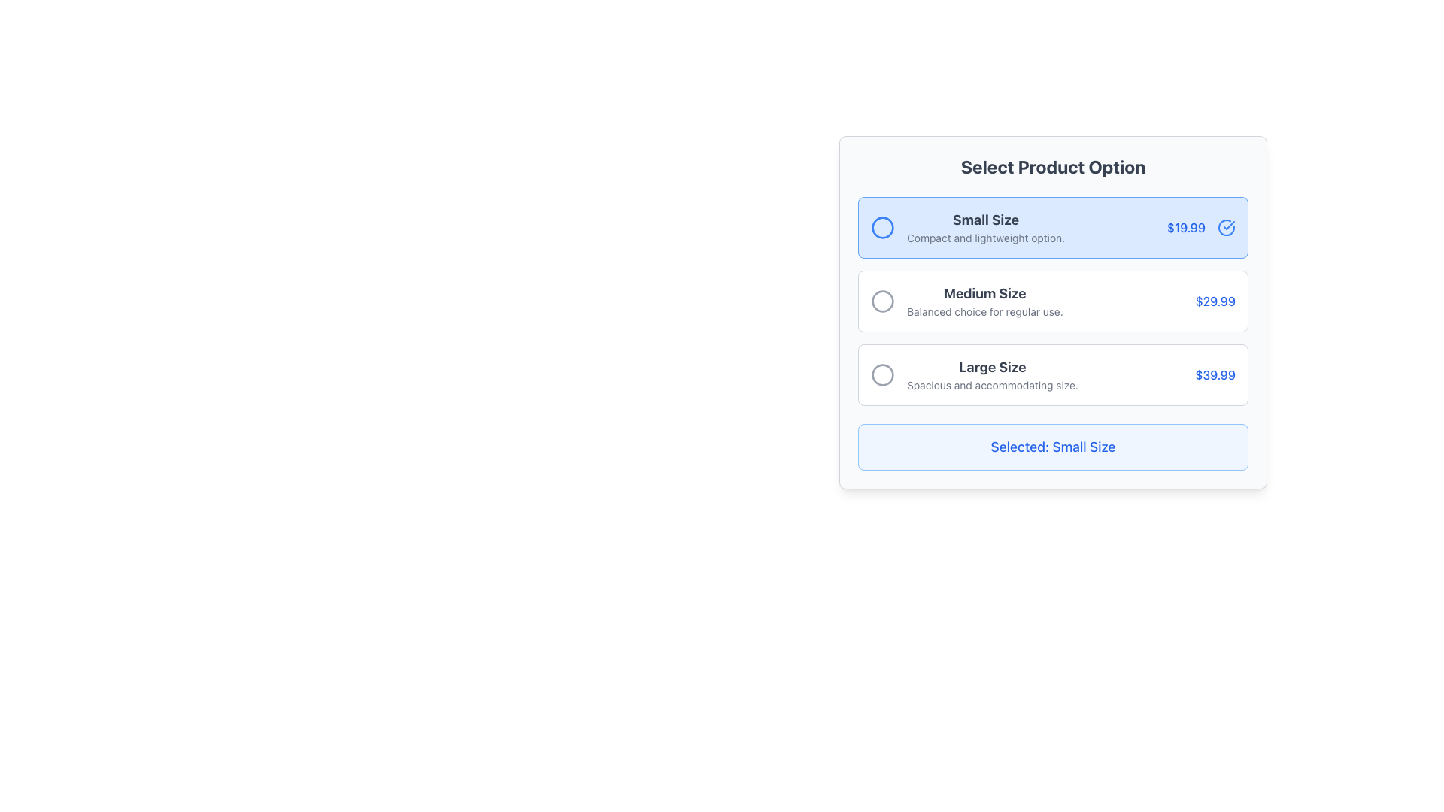  What do you see at coordinates (984, 301) in the screenshot?
I see `text label 'Medium Size' which is the second option in a list of product options, providing details about the selection` at bounding box center [984, 301].